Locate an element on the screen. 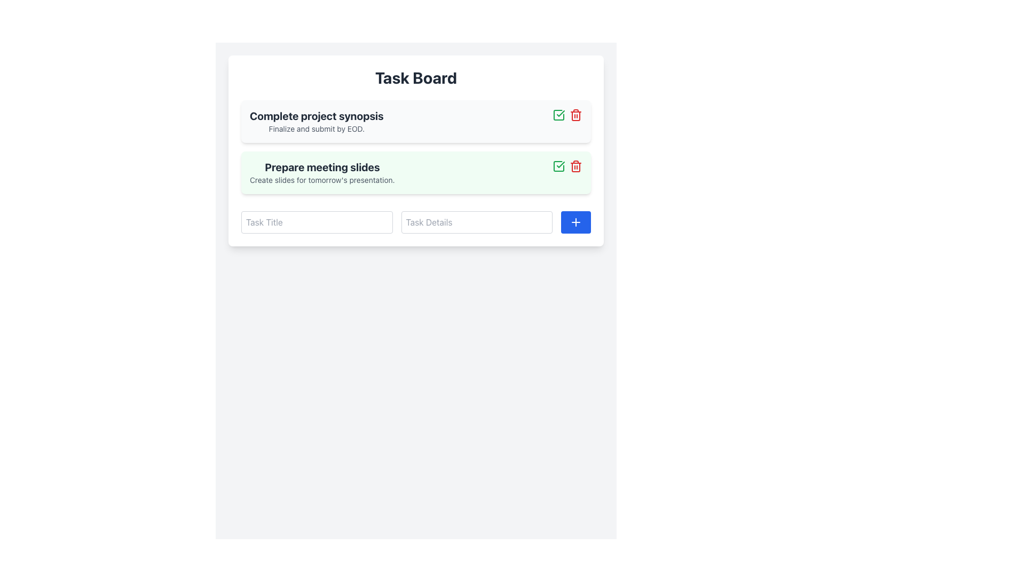 The height and width of the screenshot is (576, 1025). the informational text below the main title of the task block labeled 'Prepare meeting slides' to provide additional emphasis is located at coordinates (321, 180).